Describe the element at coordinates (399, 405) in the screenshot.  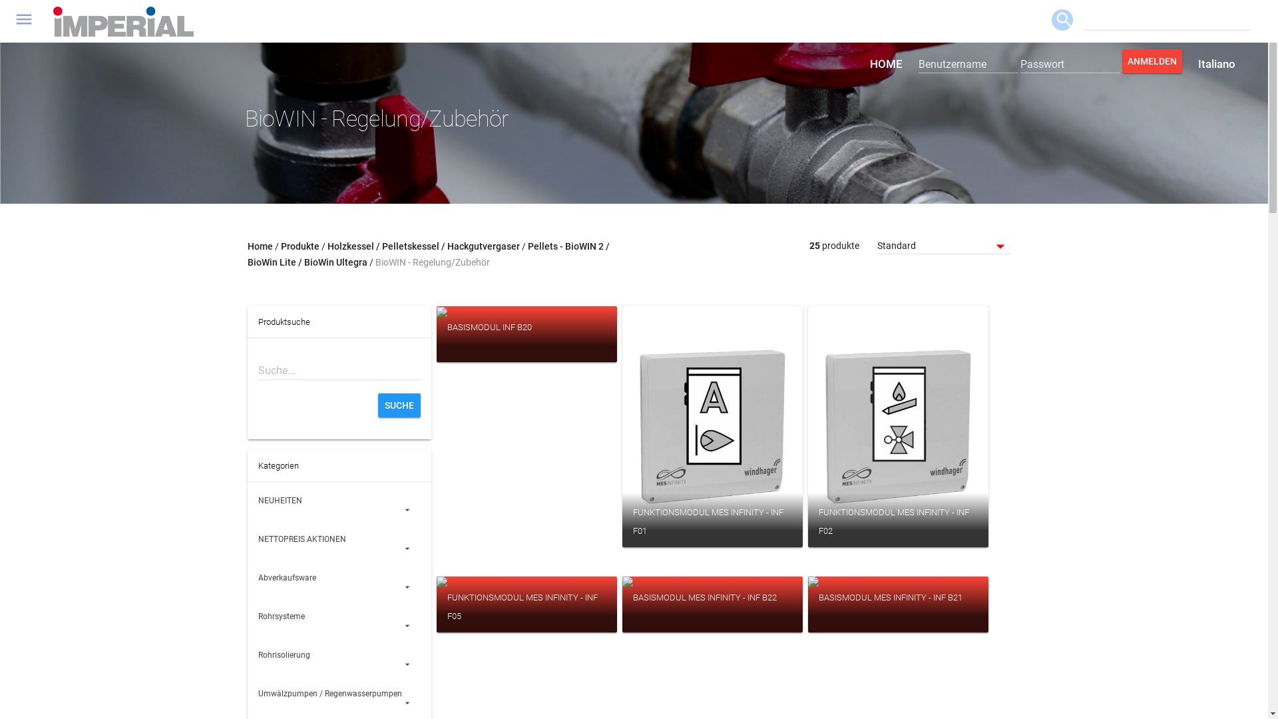
I see `'SUCHE'` at that location.